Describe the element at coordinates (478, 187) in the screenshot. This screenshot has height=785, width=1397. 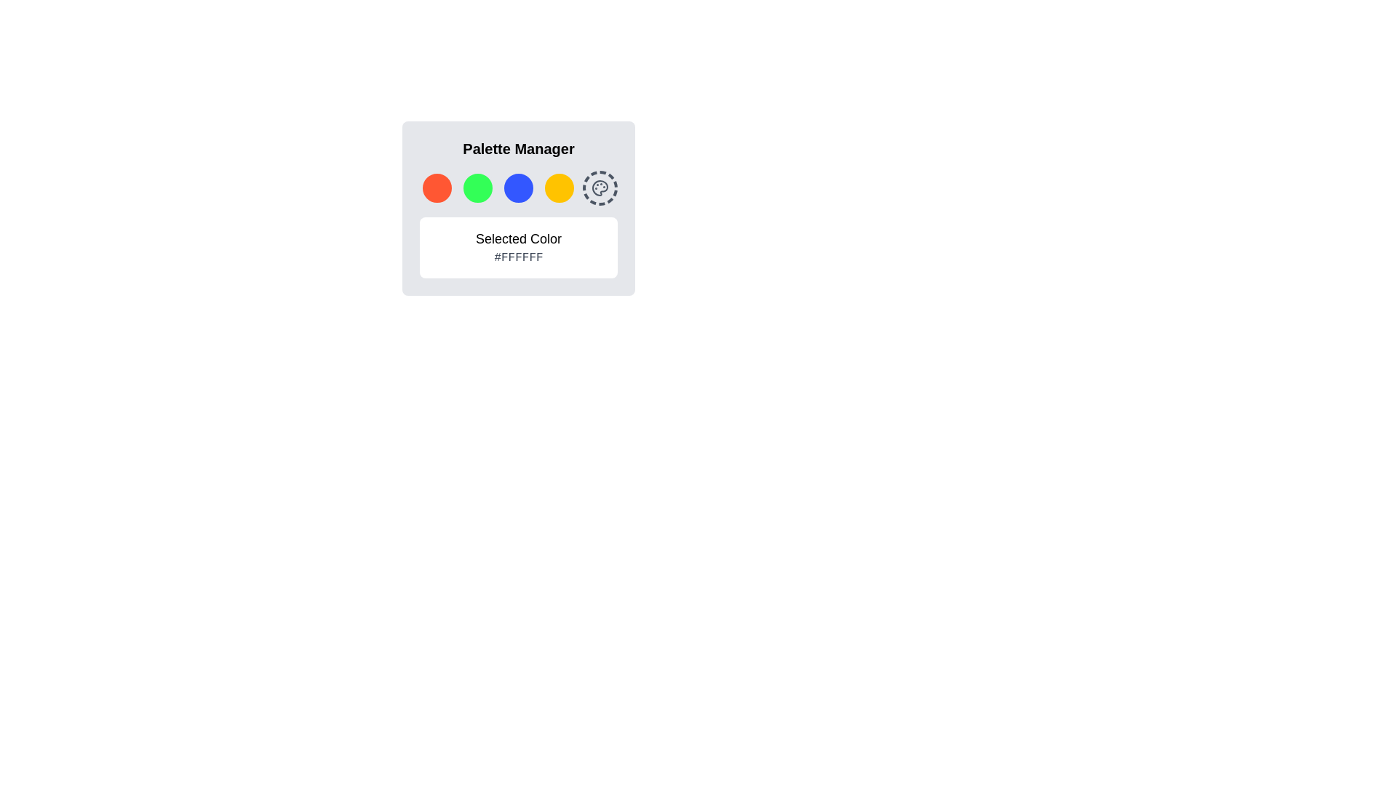
I see `the second selectable circular color button with a green color (#33FF57) located beneath the 'Palette Manager' title` at that location.